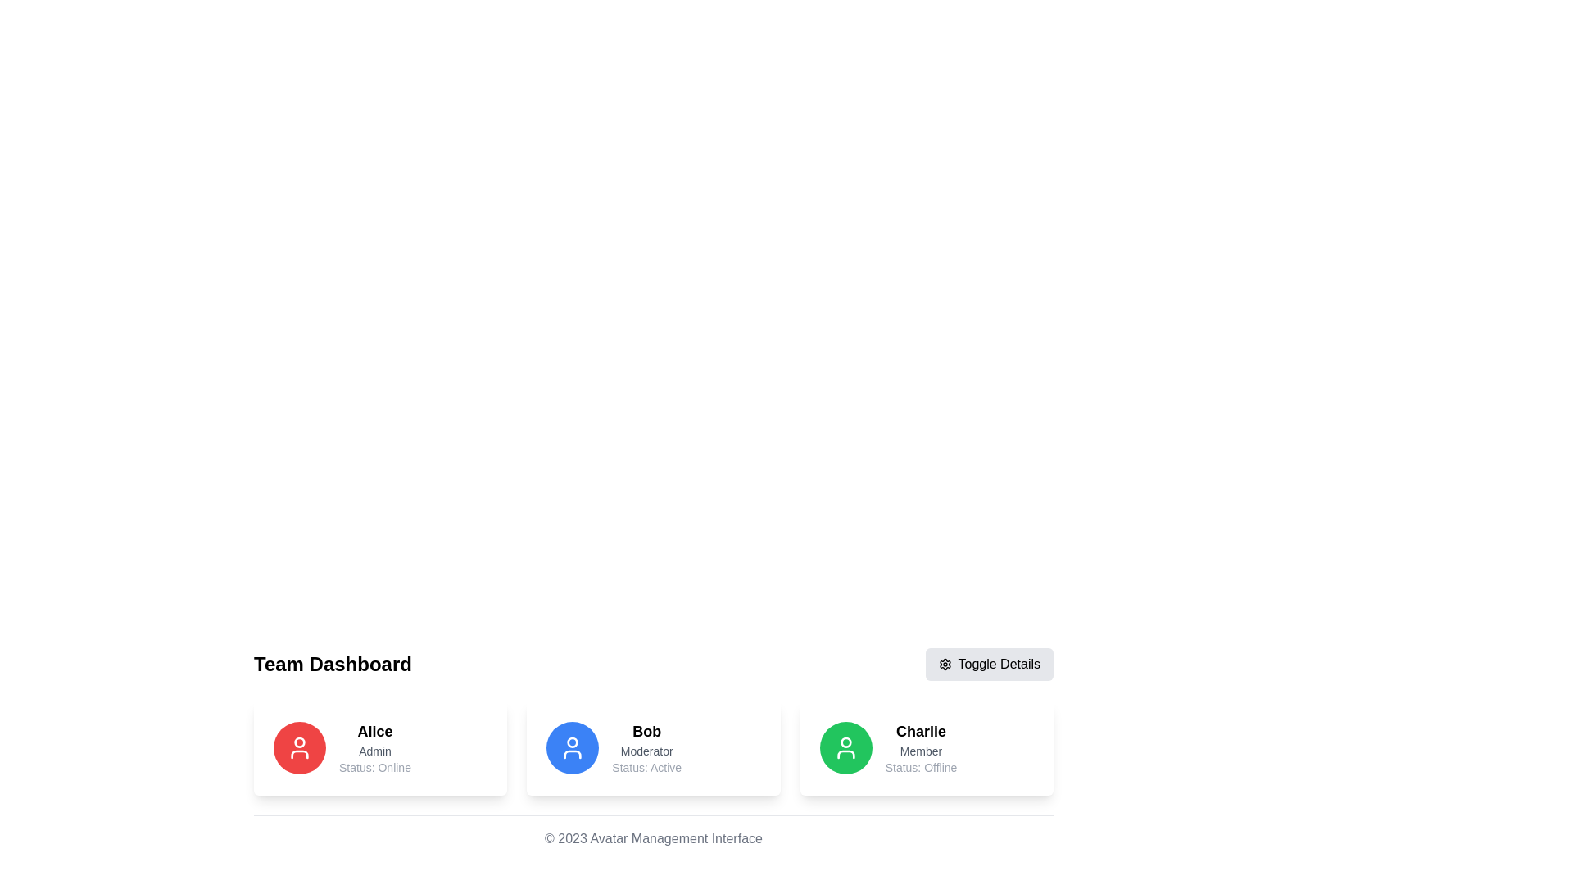 Image resolution: width=1573 pixels, height=885 pixels. I want to click on the information displayed on the first card in the grid layout, which features a red circular icon with a user symbol and vertical text showing 'Alice', 'Admin', and 'Status: Online', so click(379, 748).